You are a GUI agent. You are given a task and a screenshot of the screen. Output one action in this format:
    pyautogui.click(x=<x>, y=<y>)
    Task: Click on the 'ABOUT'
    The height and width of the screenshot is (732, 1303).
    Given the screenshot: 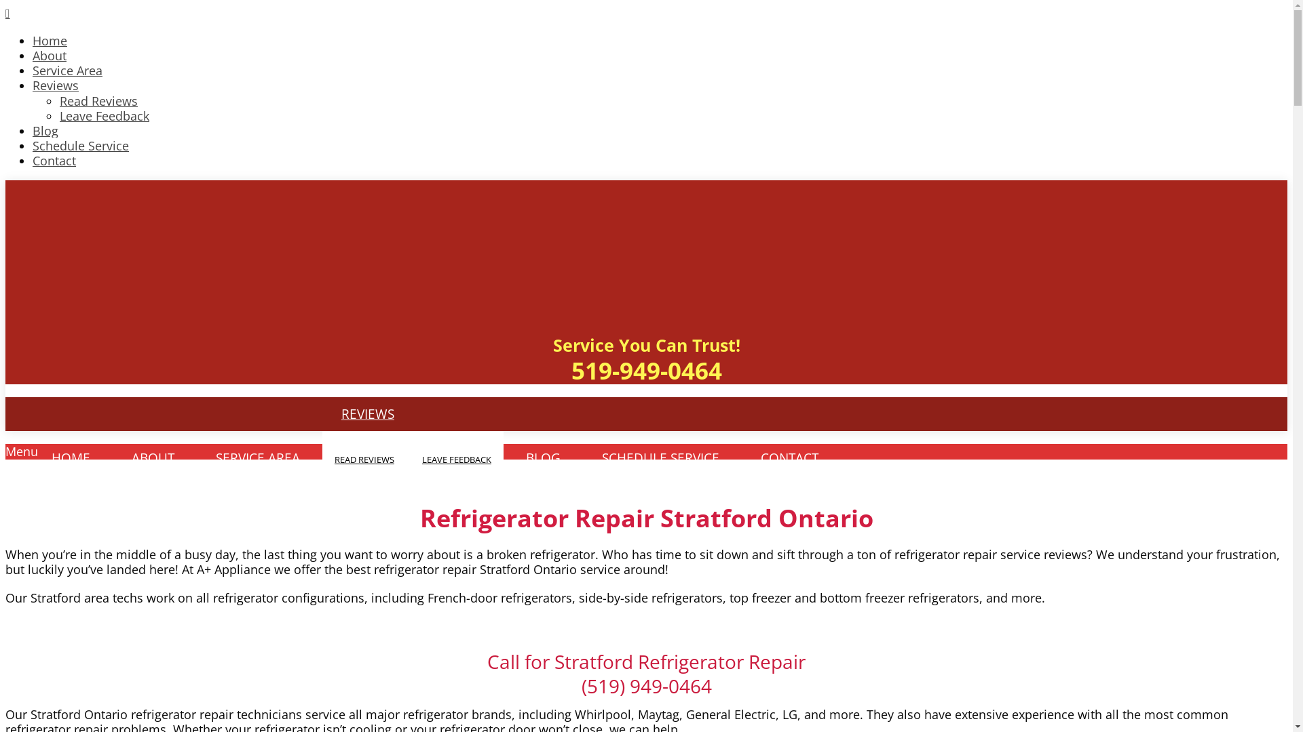 What is the action you would take?
    pyautogui.click(x=113, y=457)
    